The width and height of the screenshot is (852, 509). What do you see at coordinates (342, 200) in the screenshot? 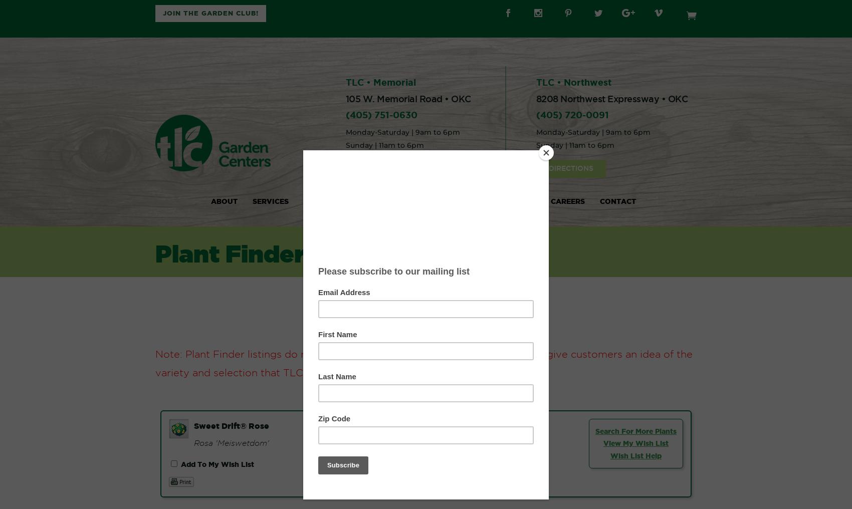
I see `'Plant Info Center'` at bounding box center [342, 200].